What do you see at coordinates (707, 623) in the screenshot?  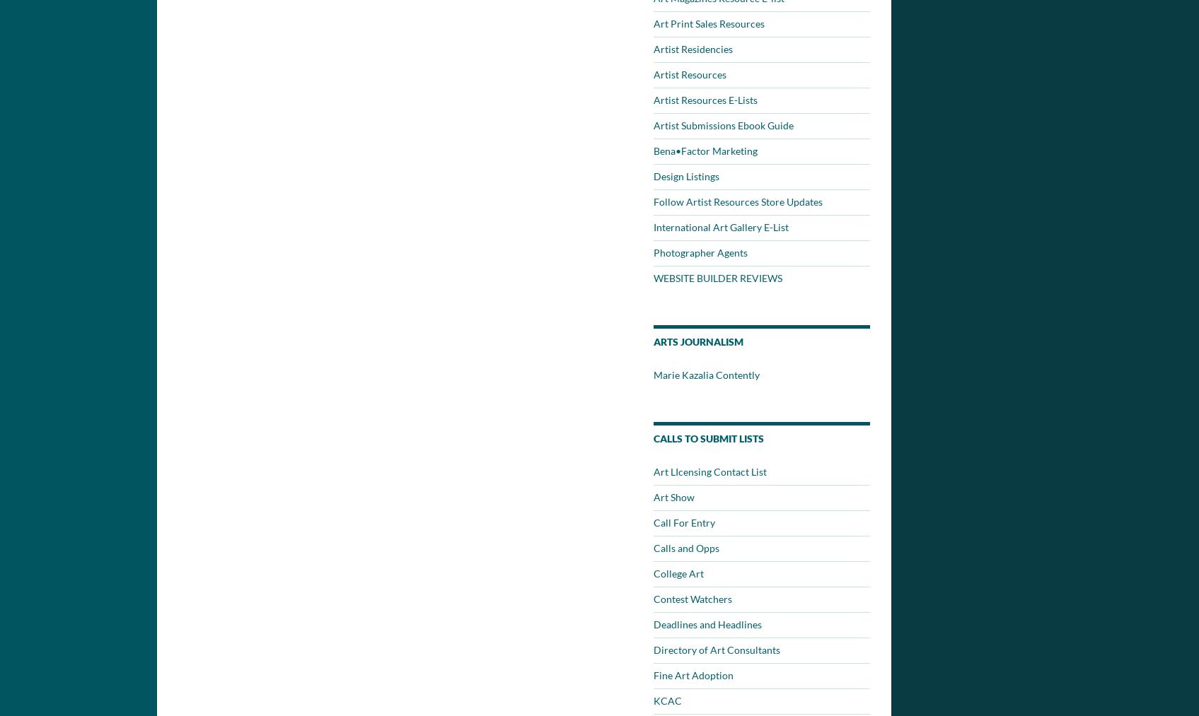 I see `'Deadlines and Headlines'` at bounding box center [707, 623].